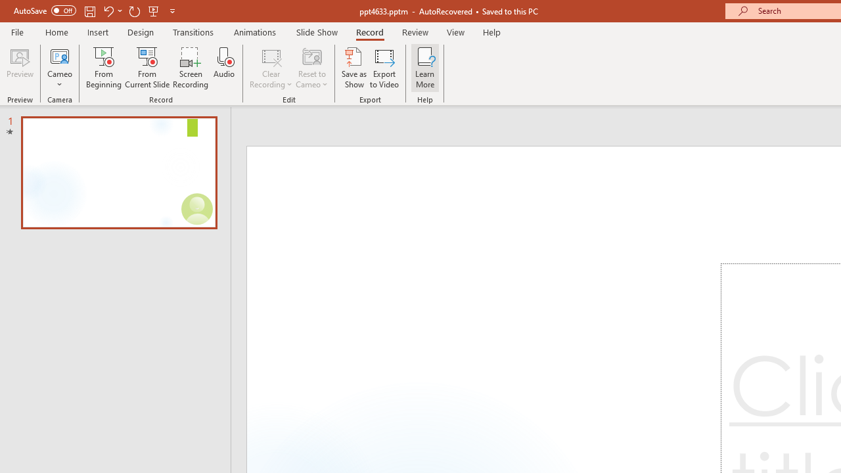 Image resolution: width=841 pixels, height=473 pixels. What do you see at coordinates (20, 68) in the screenshot?
I see `'Preview'` at bounding box center [20, 68].